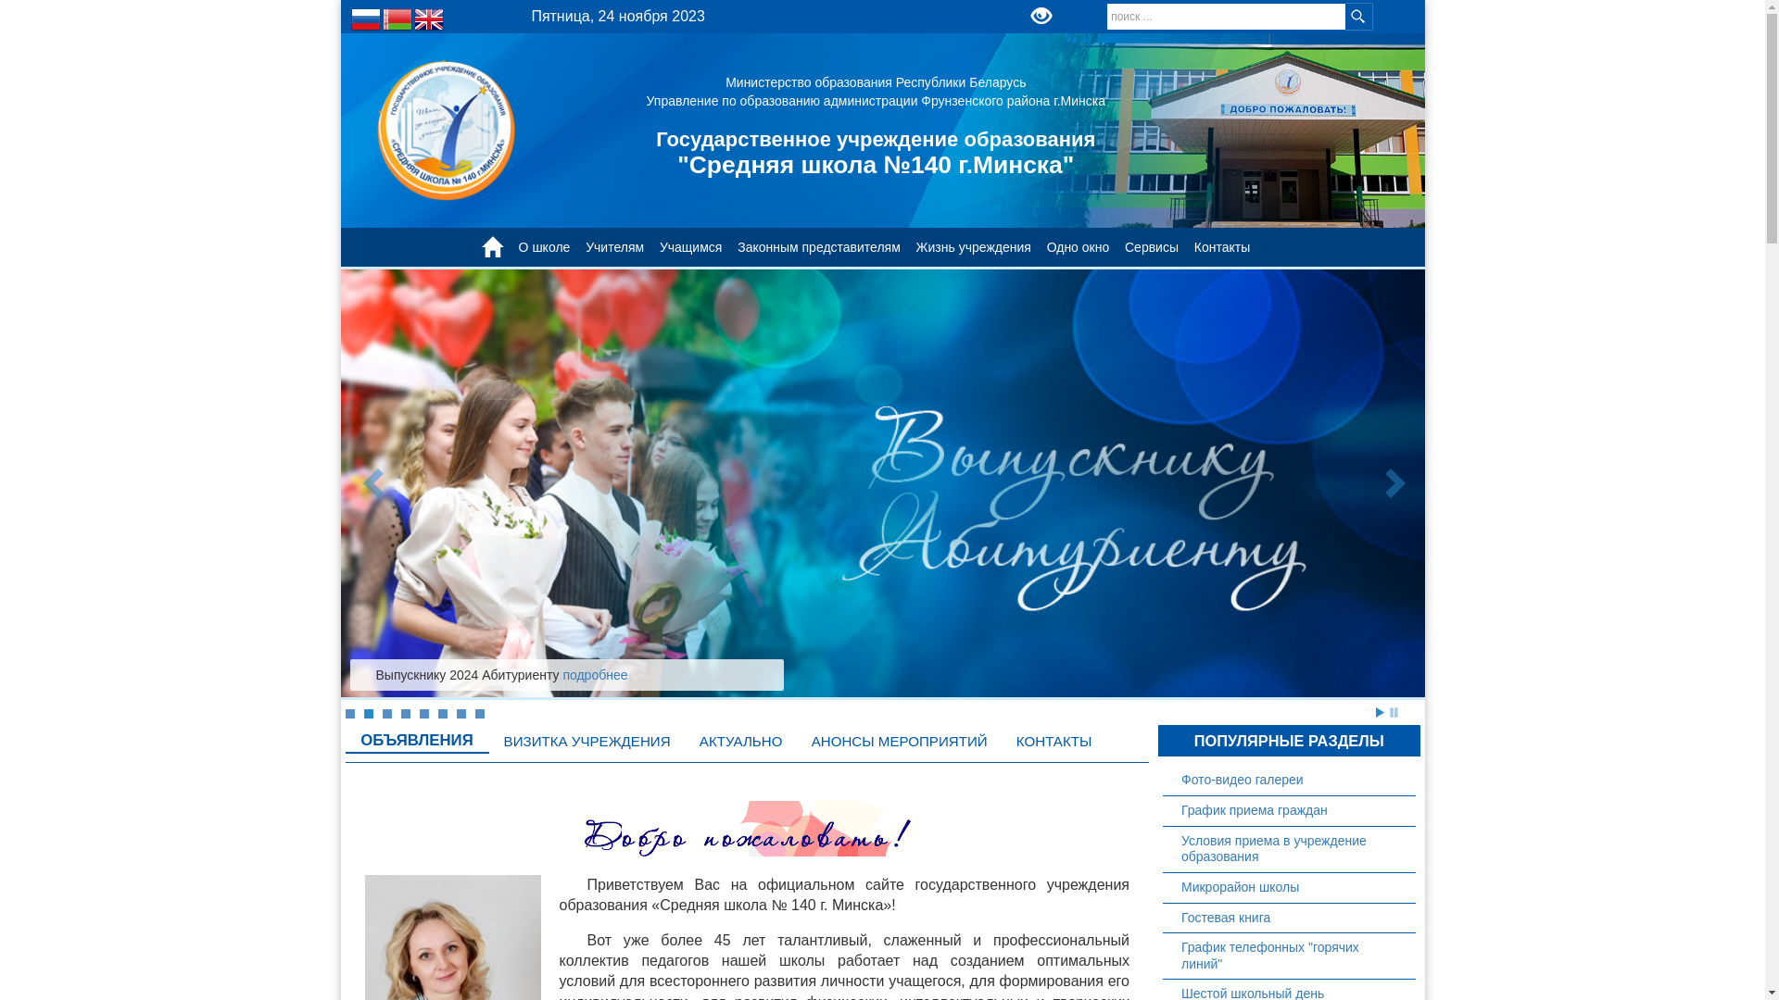  What do you see at coordinates (461, 713) in the screenshot?
I see `'7'` at bounding box center [461, 713].